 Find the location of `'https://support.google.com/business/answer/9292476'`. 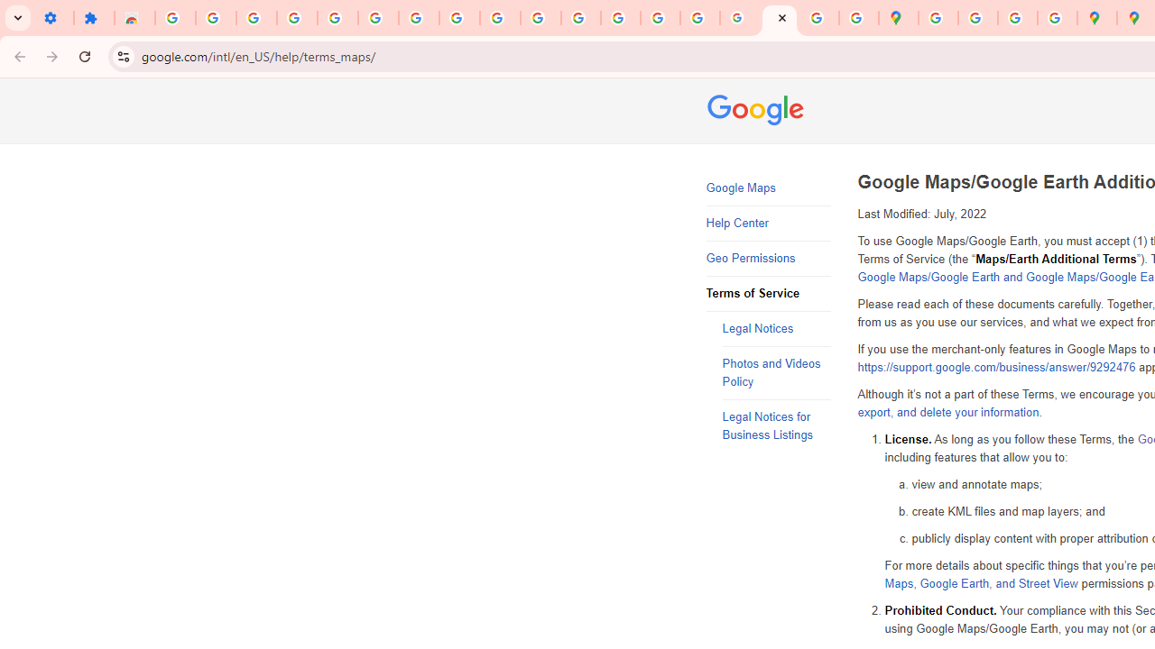

'https://support.google.com/business/answer/9292476' is located at coordinates (995, 367).